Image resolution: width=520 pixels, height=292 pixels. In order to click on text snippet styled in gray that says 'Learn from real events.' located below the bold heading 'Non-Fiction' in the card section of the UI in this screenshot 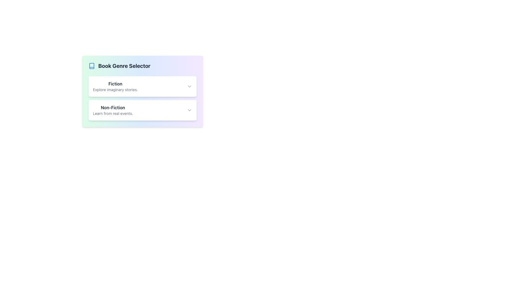, I will do `click(113, 113)`.